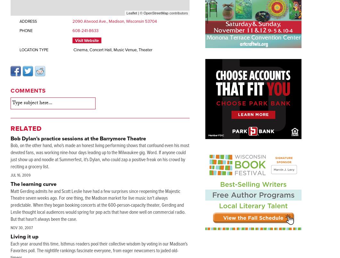 Image resolution: width=340 pixels, height=258 pixels. What do you see at coordinates (145, 50) in the screenshot?
I see `'Theater'` at bounding box center [145, 50].